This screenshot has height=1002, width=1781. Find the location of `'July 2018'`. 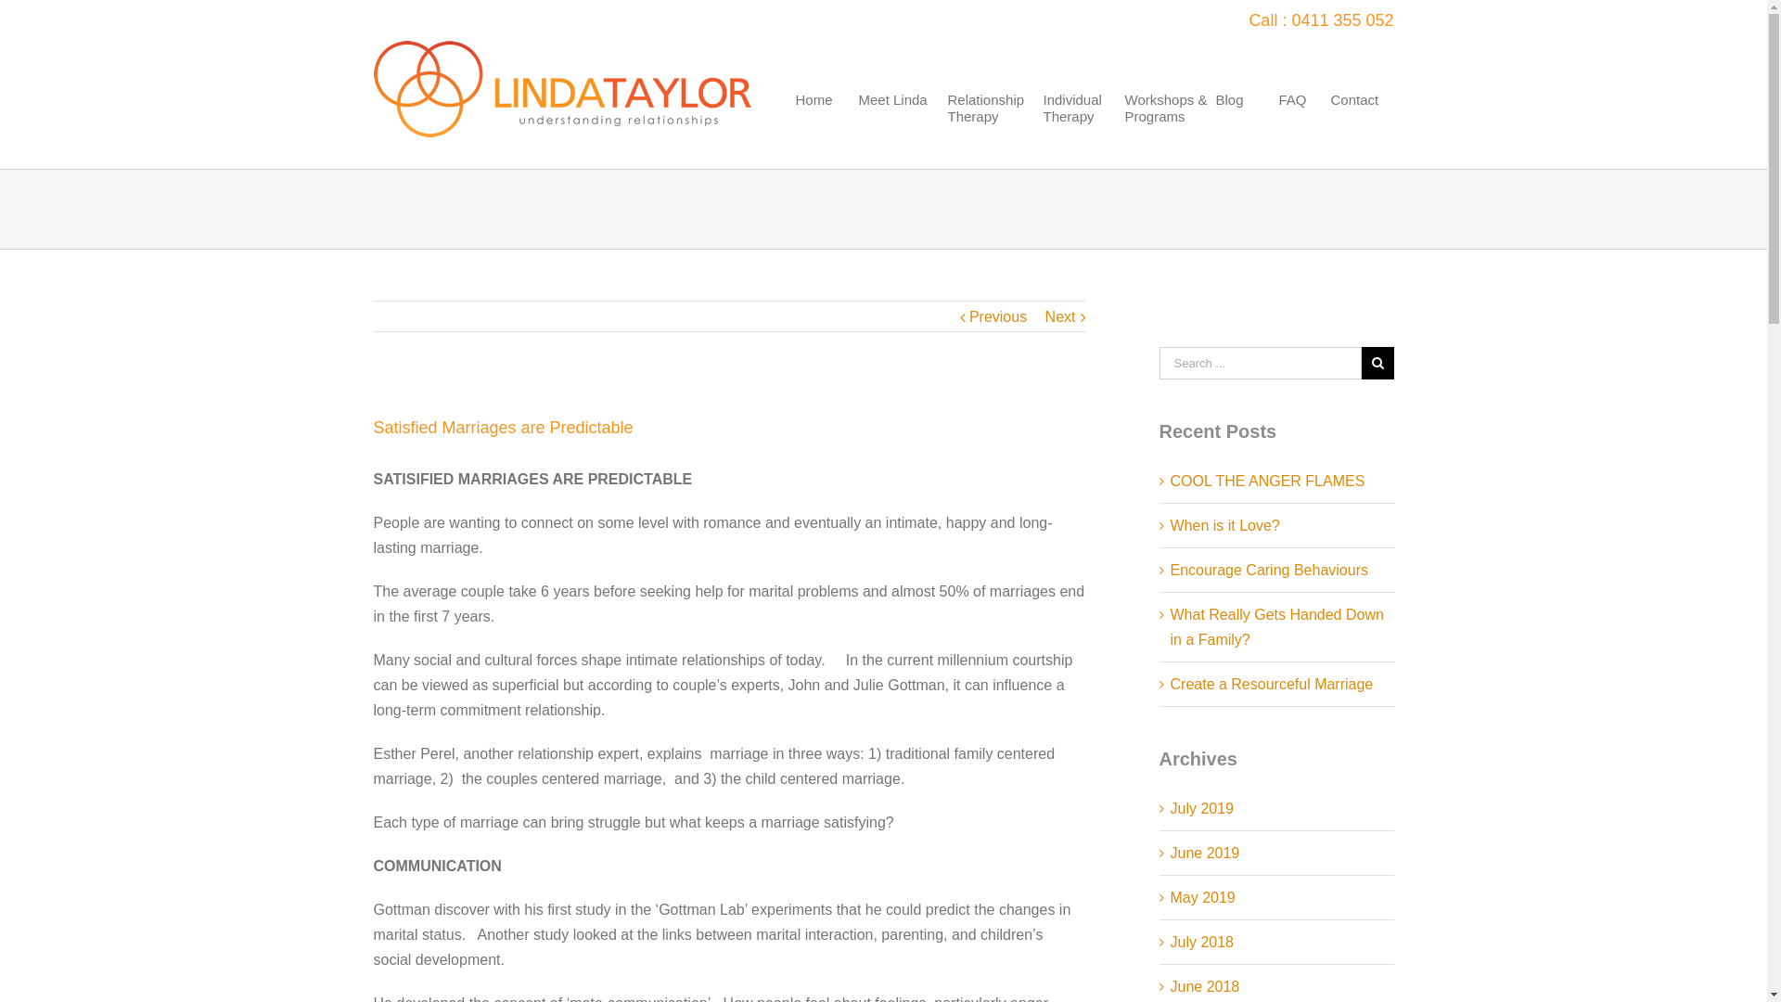

'July 2018' is located at coordinates (1202, 942).